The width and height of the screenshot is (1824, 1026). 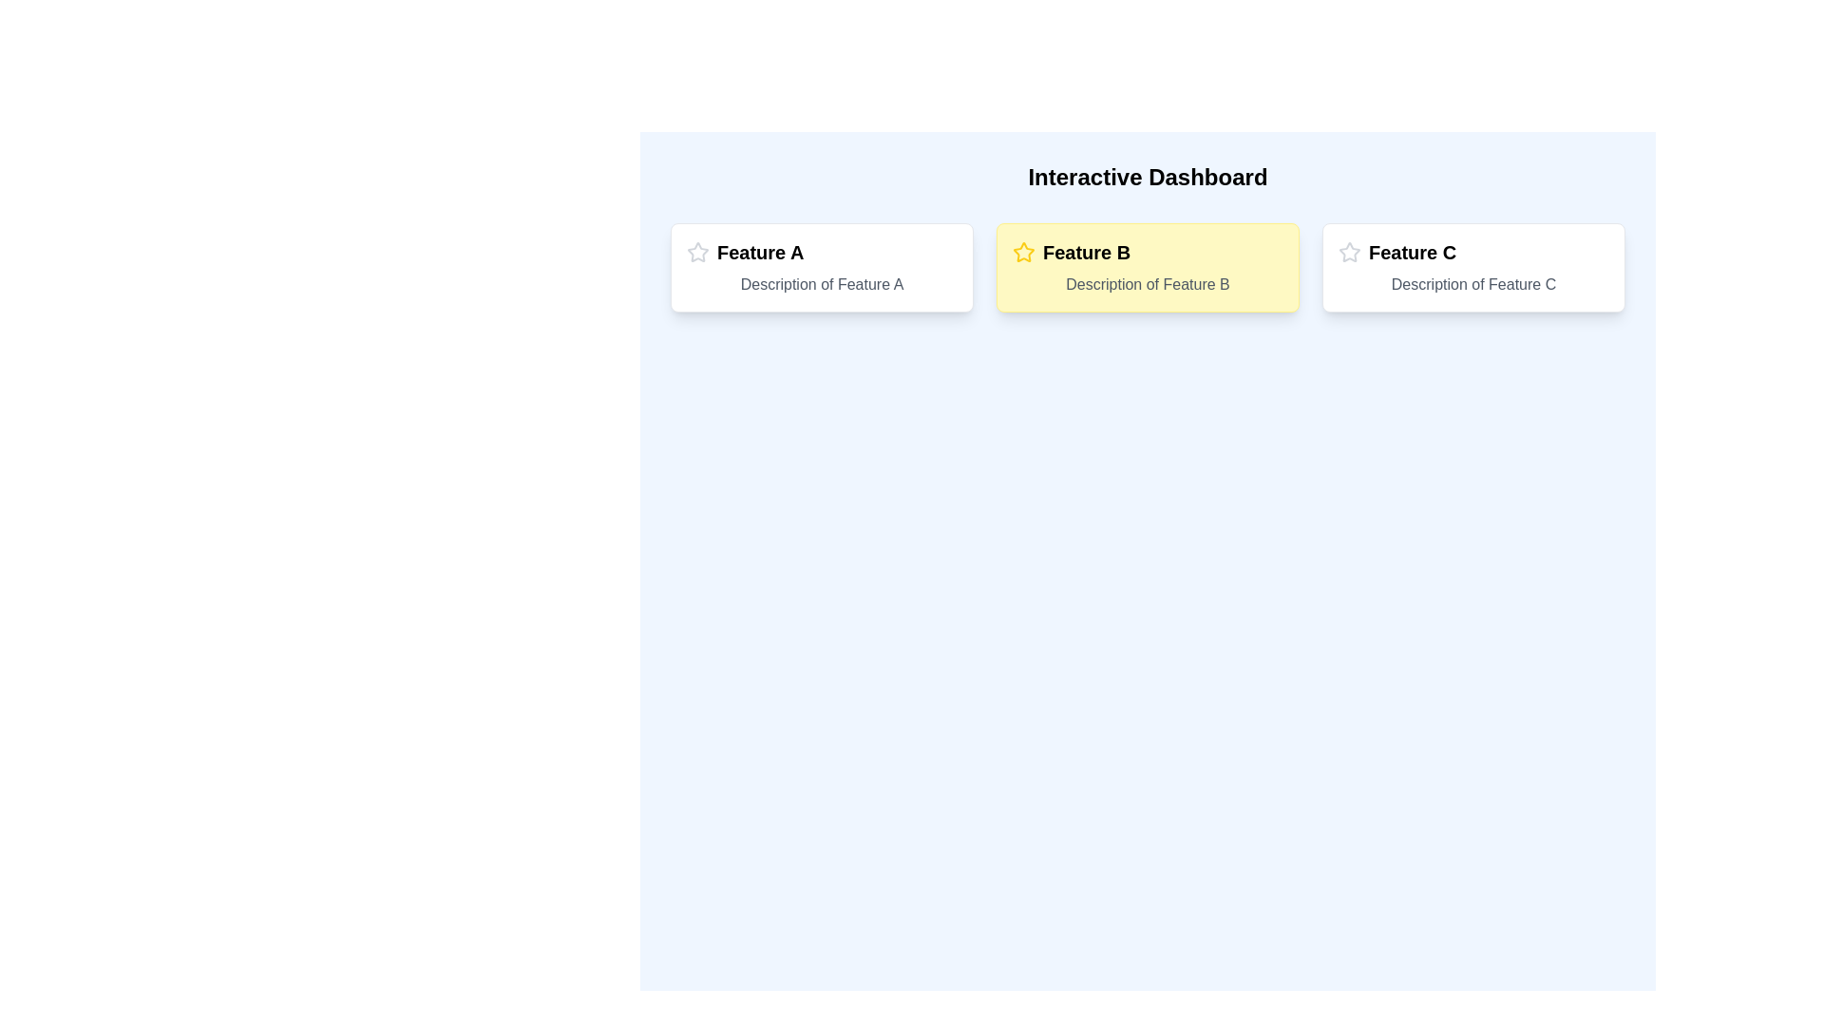 What do you see at coordinates (822, 267) in the screenshot?
I see `the first card in the grid layout` at bounding box center [822, 267].